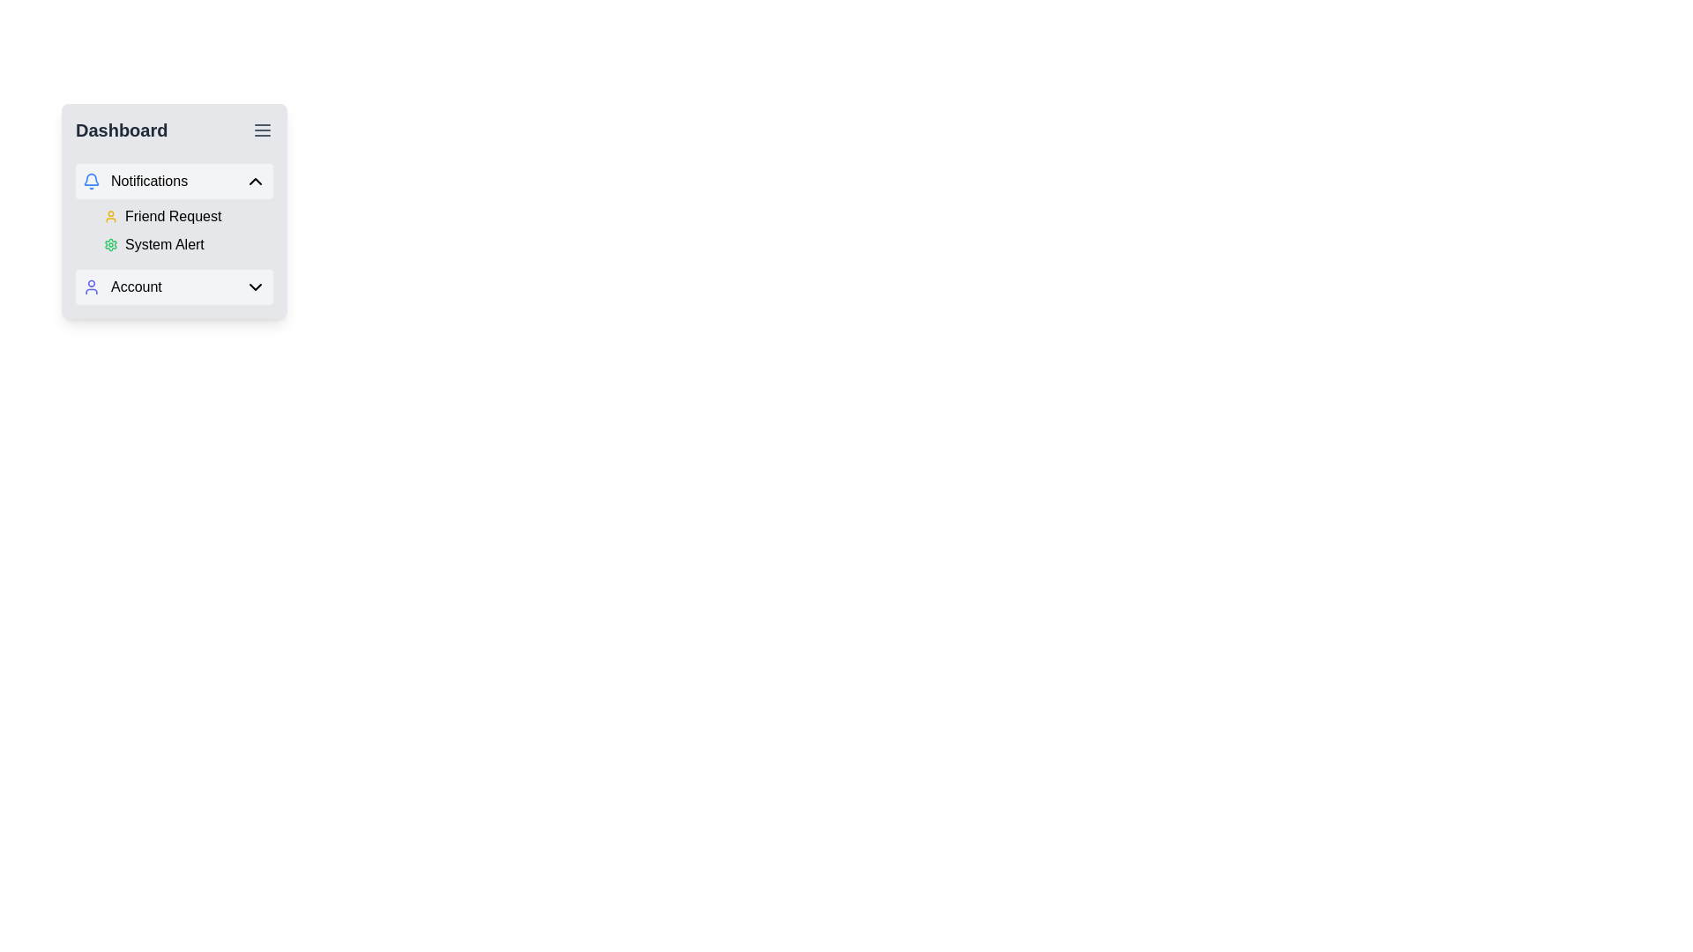 The image size is (1693, 952). I want to click on the 'Notifications' menu item, which features a blue bell icon and is located at the top of the navigation menu under 'Dashboard', so click(134, 181).